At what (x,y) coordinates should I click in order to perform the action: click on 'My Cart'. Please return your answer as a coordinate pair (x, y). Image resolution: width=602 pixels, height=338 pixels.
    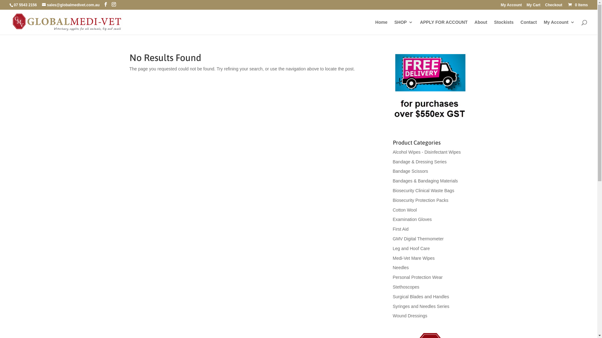
    Looking at the image, I should click on (527, 6).